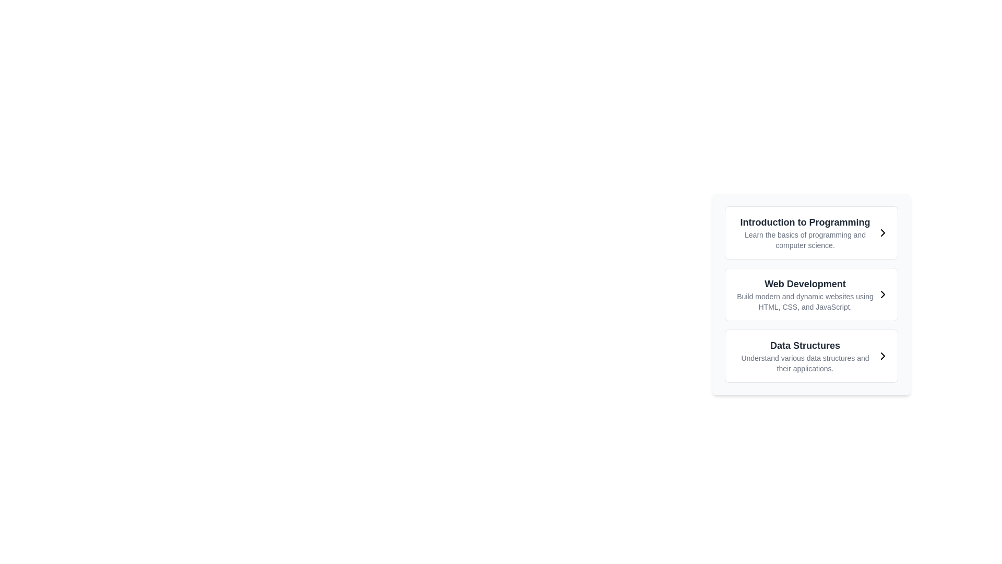 The height and width of the screenshot is (564, 1002). I want to click on the Informational Item titled 'Web Development', so click(804, 294).